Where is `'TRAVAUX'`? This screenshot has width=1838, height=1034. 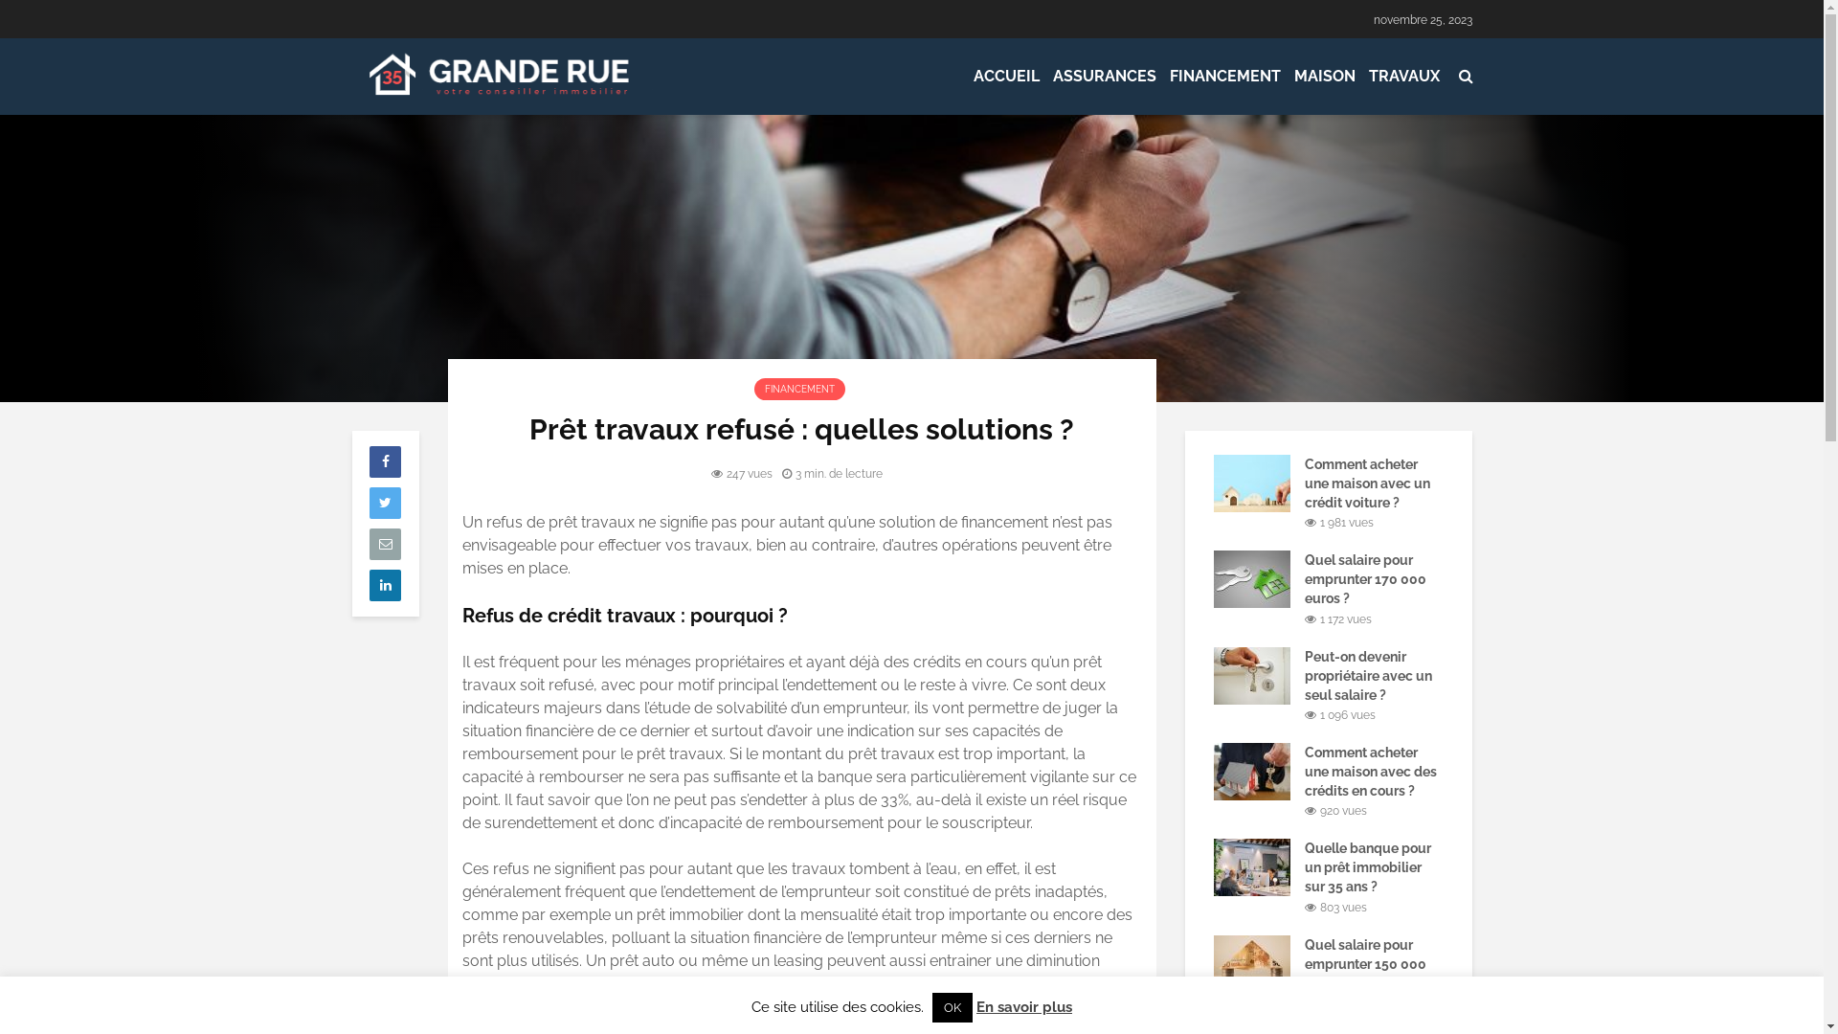 'TRAVAUX' is located at coordinates (1402, 76).